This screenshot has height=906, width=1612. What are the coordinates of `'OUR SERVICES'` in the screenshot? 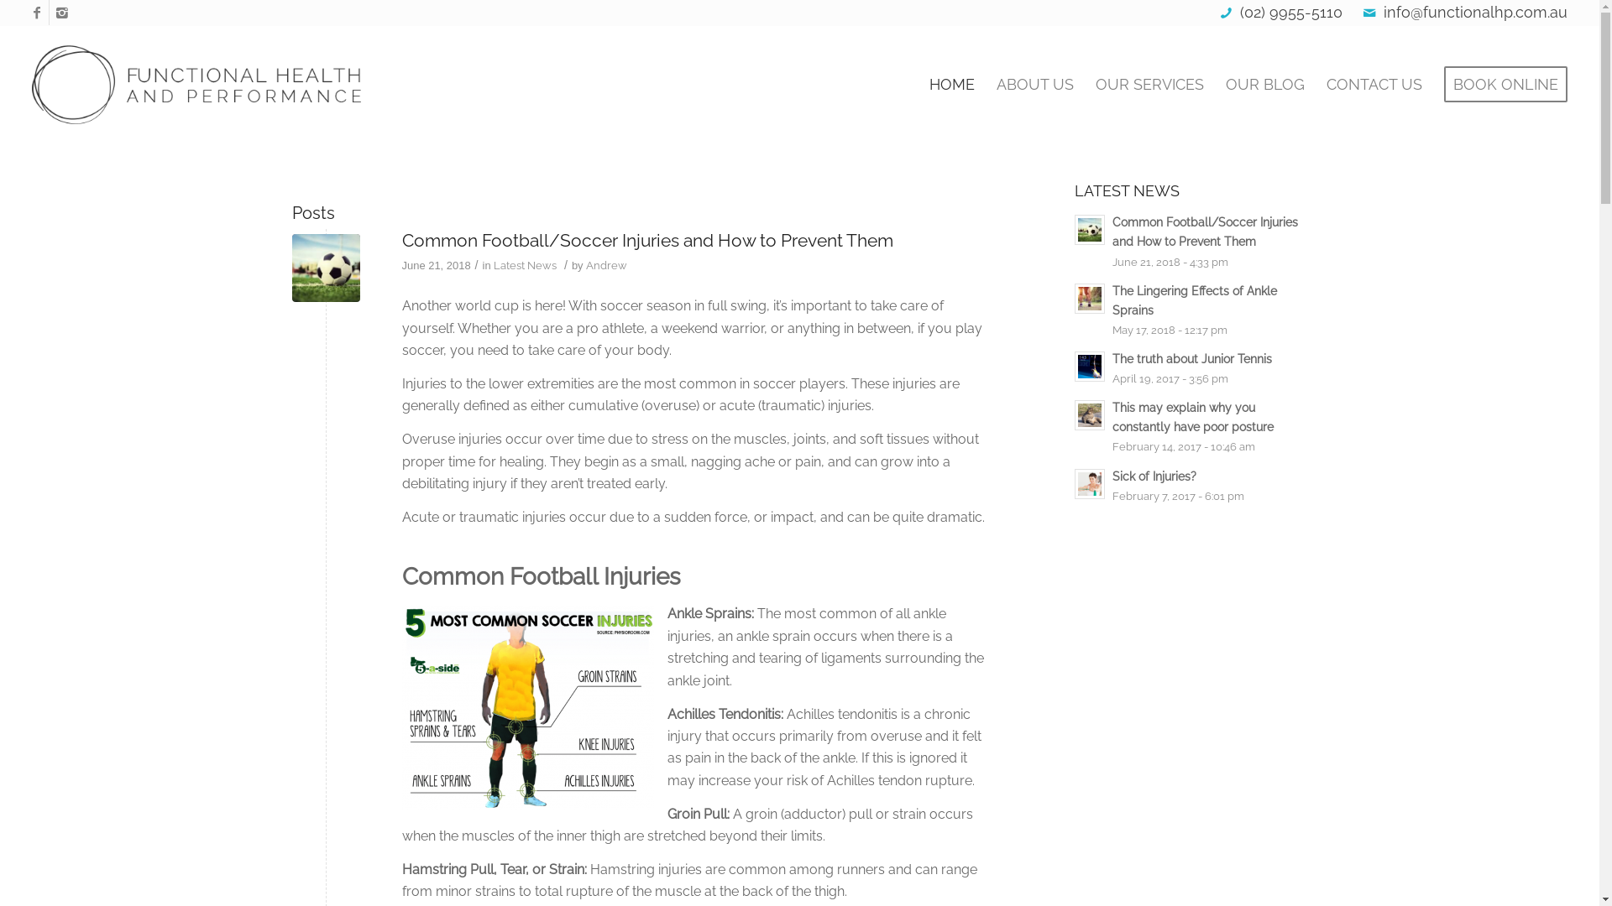 It's located at (1084, 84).